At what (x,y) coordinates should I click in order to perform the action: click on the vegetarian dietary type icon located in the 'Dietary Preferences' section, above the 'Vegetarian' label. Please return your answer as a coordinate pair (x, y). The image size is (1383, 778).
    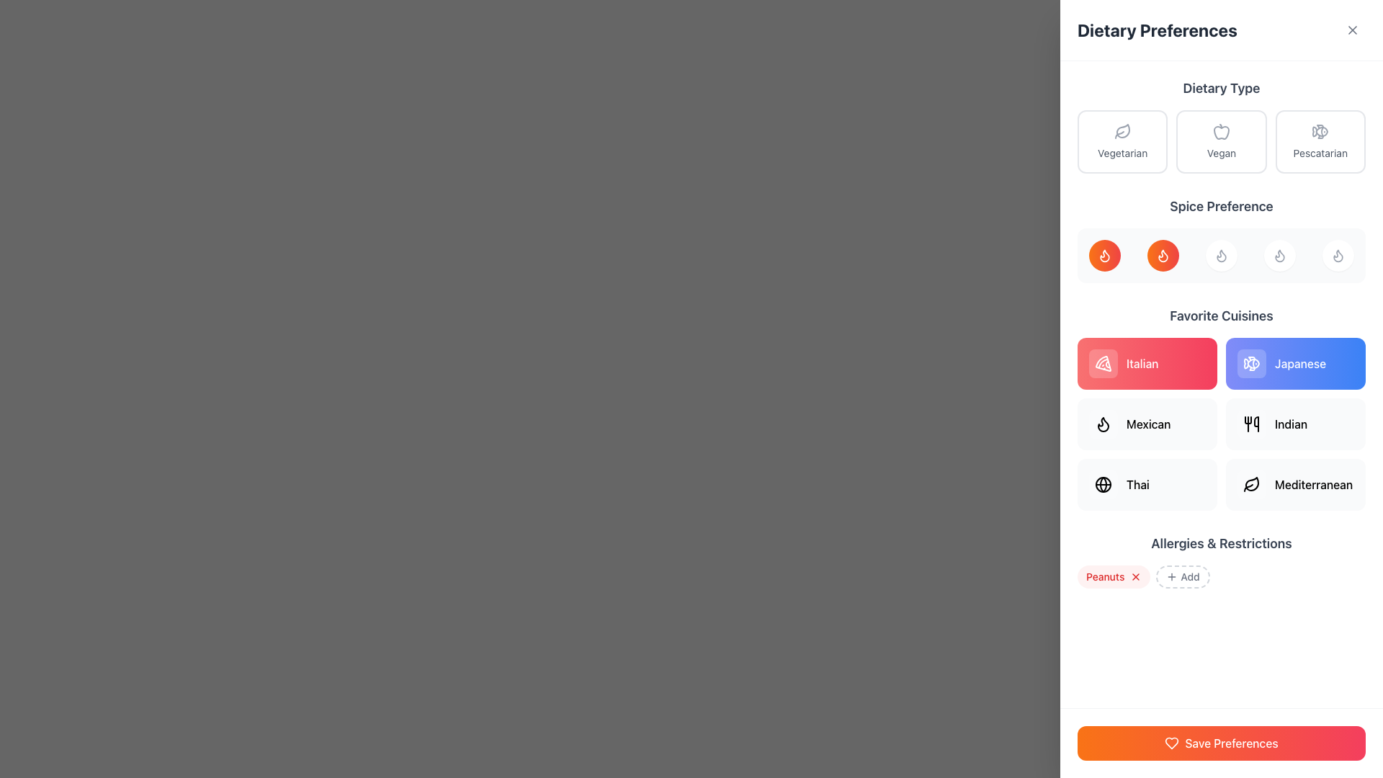
    Looking at the image, I should click on (1122, 131).